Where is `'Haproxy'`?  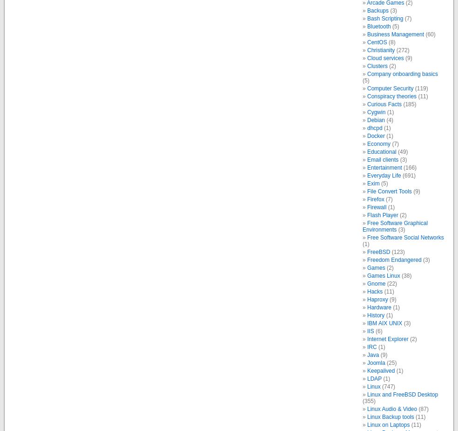 'Haproxy' is located at coordinates (377, 299).